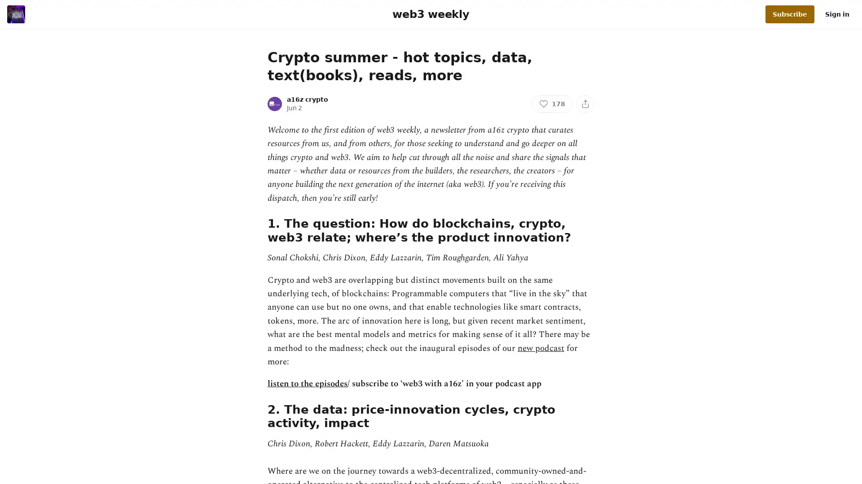 The image size is (862, 484). Describe the element at coordinates (789, 14) in the screenshot. I see `Subscribe` at that location.